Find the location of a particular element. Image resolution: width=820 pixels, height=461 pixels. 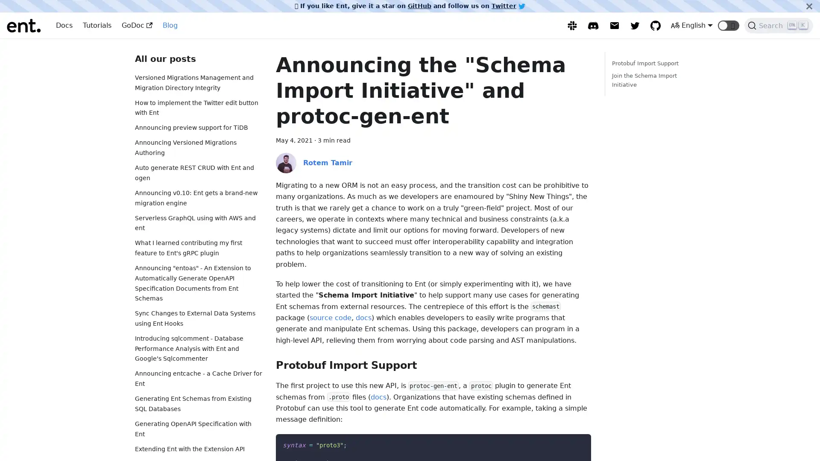

Search is located at coordinates (779, 25).